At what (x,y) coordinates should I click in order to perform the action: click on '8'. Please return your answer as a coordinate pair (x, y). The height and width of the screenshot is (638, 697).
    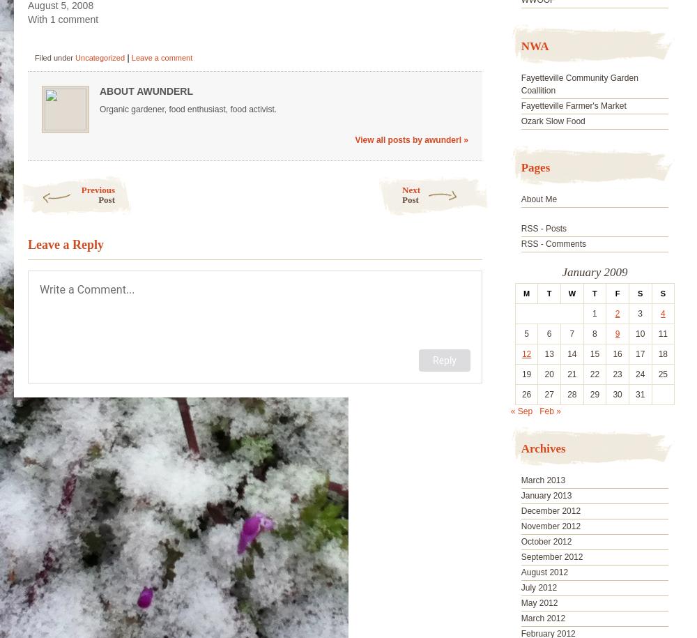
    Looking at the image, I should click on (594, 333).